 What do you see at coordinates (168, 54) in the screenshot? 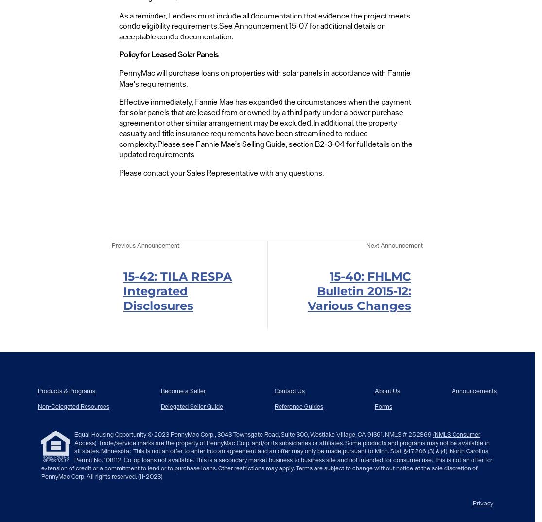
I see `'Policy for Leased Solar Panels'` at bounding box center [168, 54].